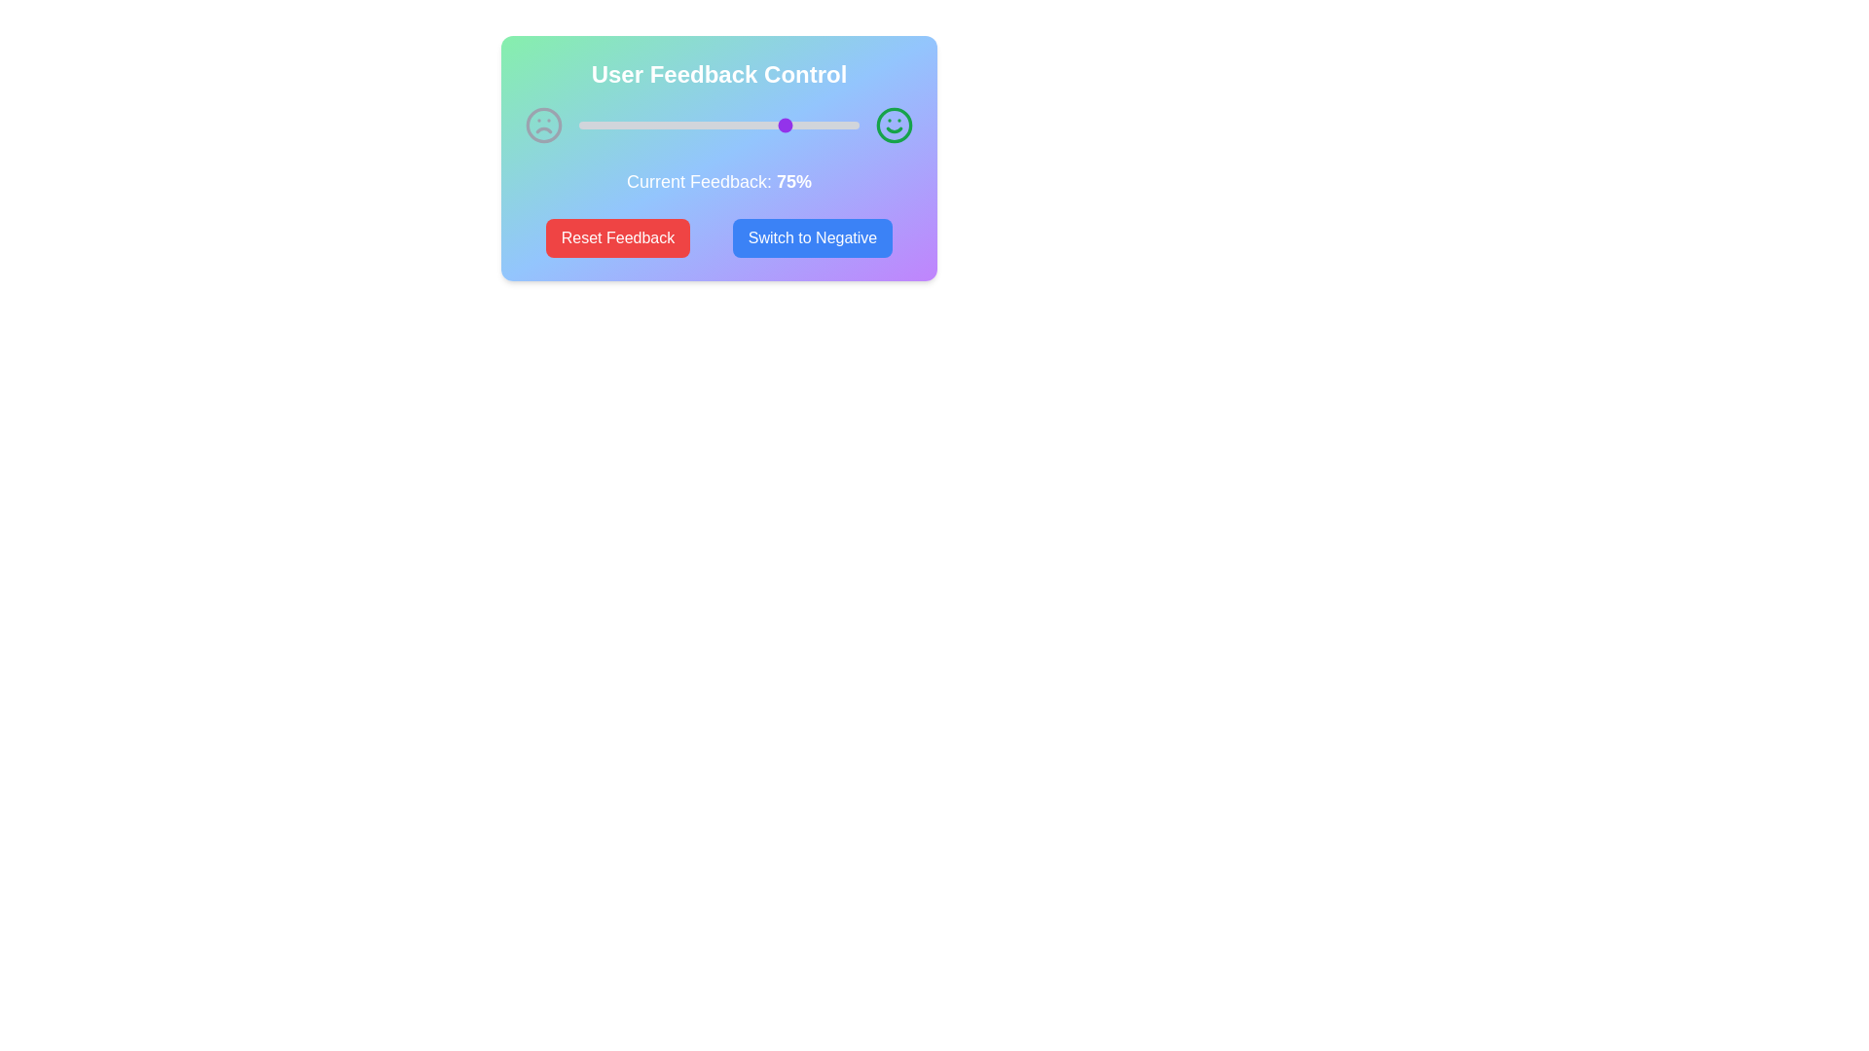 The height and width of the screenshot is (1051, 1869). Describe the element at coordinates (735, 125) in the screenshot. I see `the feedback slider to set the feedback percentage to 56` at that location.